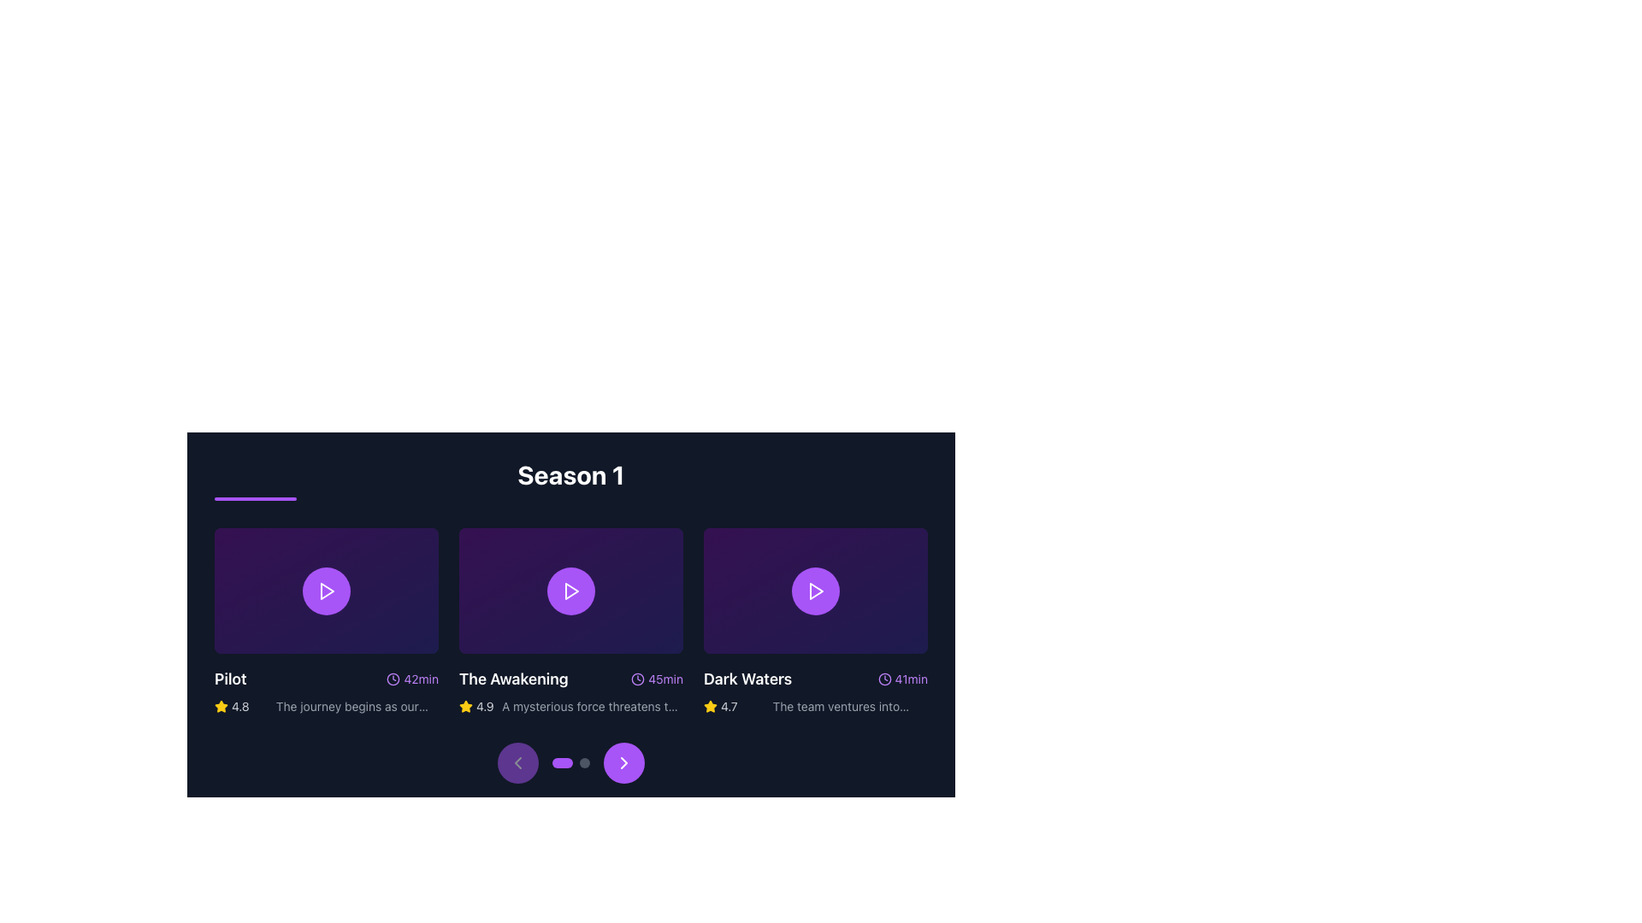 The width and height of the screenshot is (1642, 923). What do you see at coordinates (656, 679) in the screenshot?
I see `duration displayed on the time duration indicator with a clock icon showing '45min' in purple, located at the bottom-right corner of the highlighted card titled 'The Awakening'` at bounding box center [656, 679].